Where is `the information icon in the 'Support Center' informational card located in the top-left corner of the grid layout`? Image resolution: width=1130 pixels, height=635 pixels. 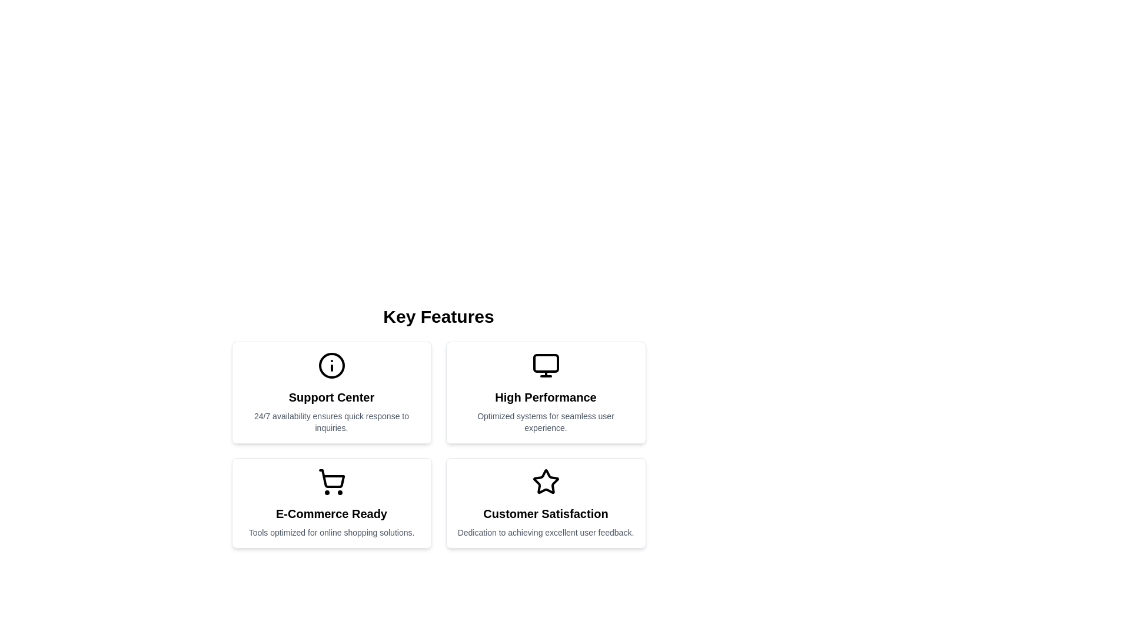
the information icon in the 'Support Center' informational card located in the top-left corner of the grid layout is located at coordinates (331, 392).